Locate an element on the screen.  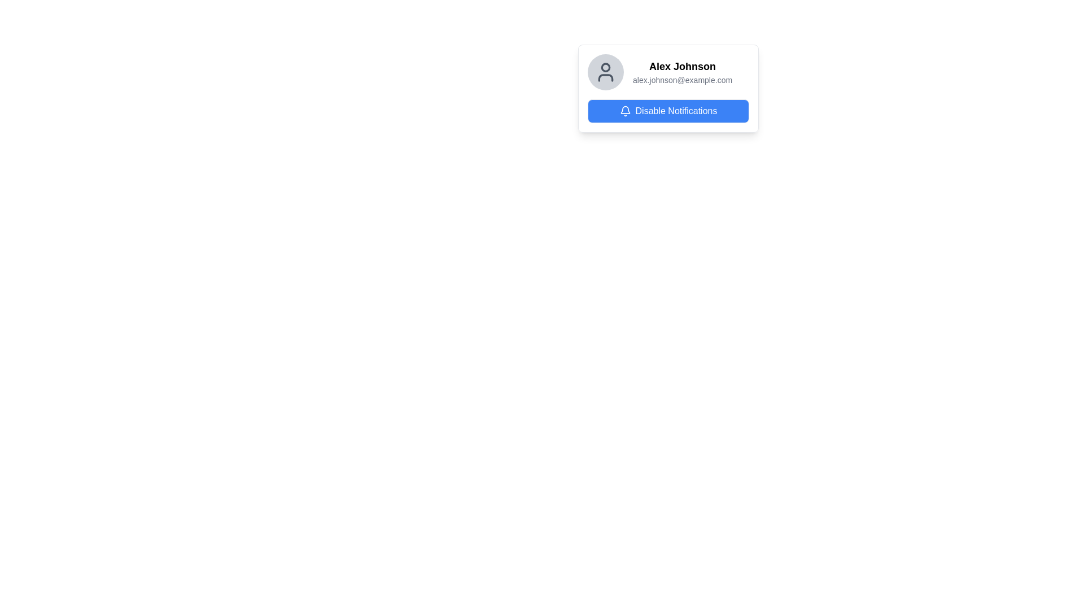
the email address 'alex.johnson@example.com' displayed in gray font below the name 'Alex Johnson' in the user profile card is located at coordinates (682, 80).